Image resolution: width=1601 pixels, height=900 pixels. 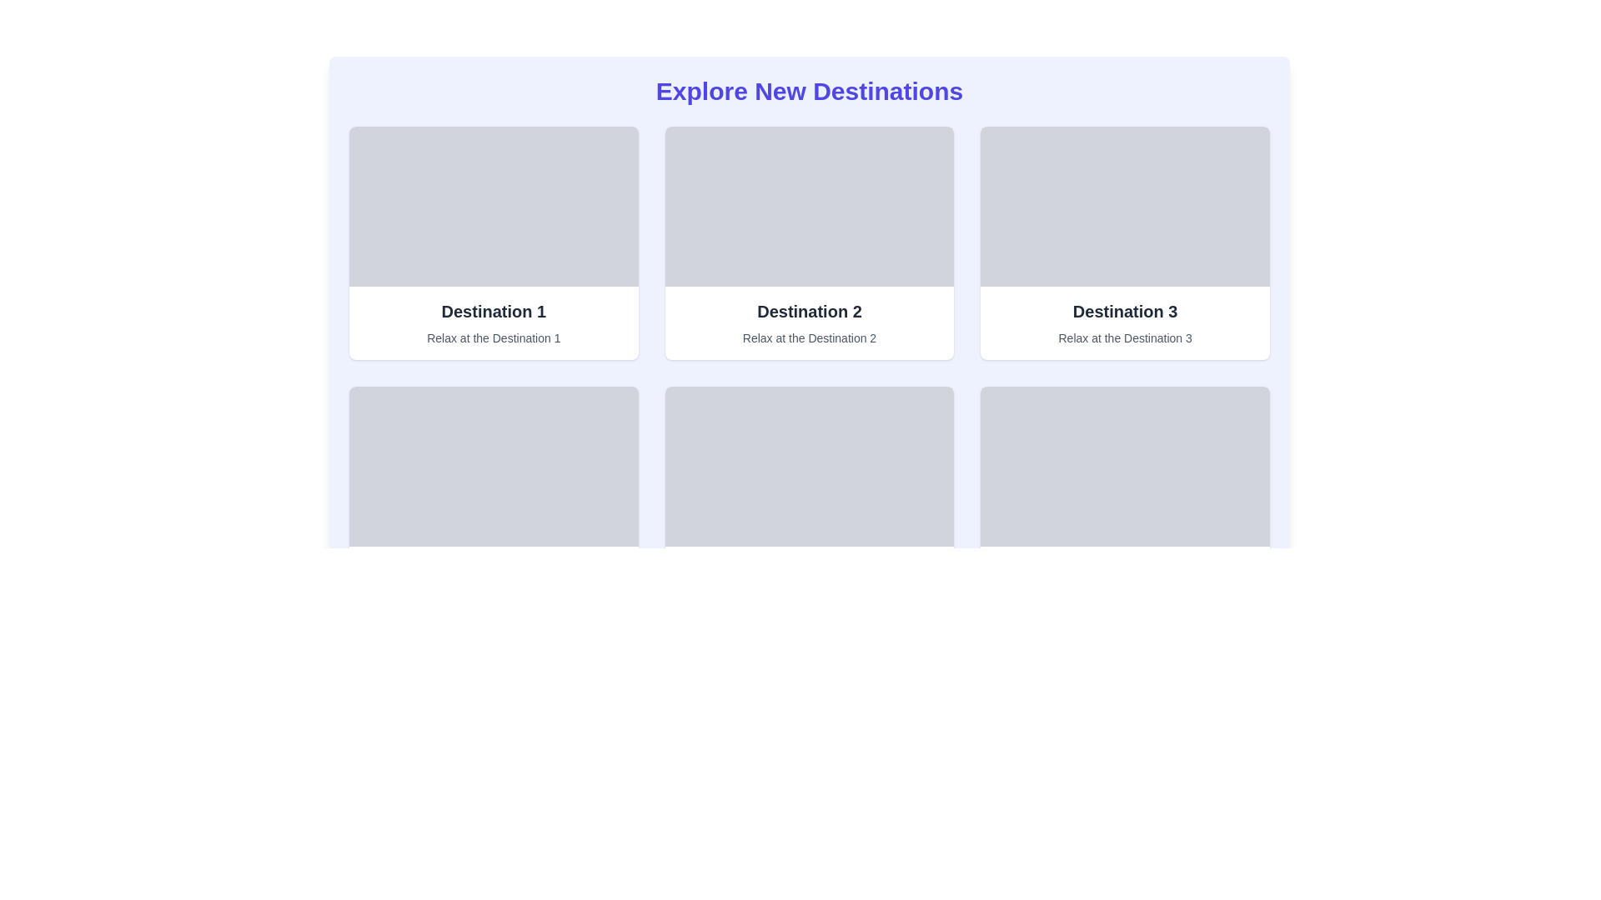 I want to click on the details of the Card component containing text and a placeholder image, which features a white background, rounded corners, and text elements including 'Destination 3' and 'Relax at the Destination 3', so click(x=1125, y=243).